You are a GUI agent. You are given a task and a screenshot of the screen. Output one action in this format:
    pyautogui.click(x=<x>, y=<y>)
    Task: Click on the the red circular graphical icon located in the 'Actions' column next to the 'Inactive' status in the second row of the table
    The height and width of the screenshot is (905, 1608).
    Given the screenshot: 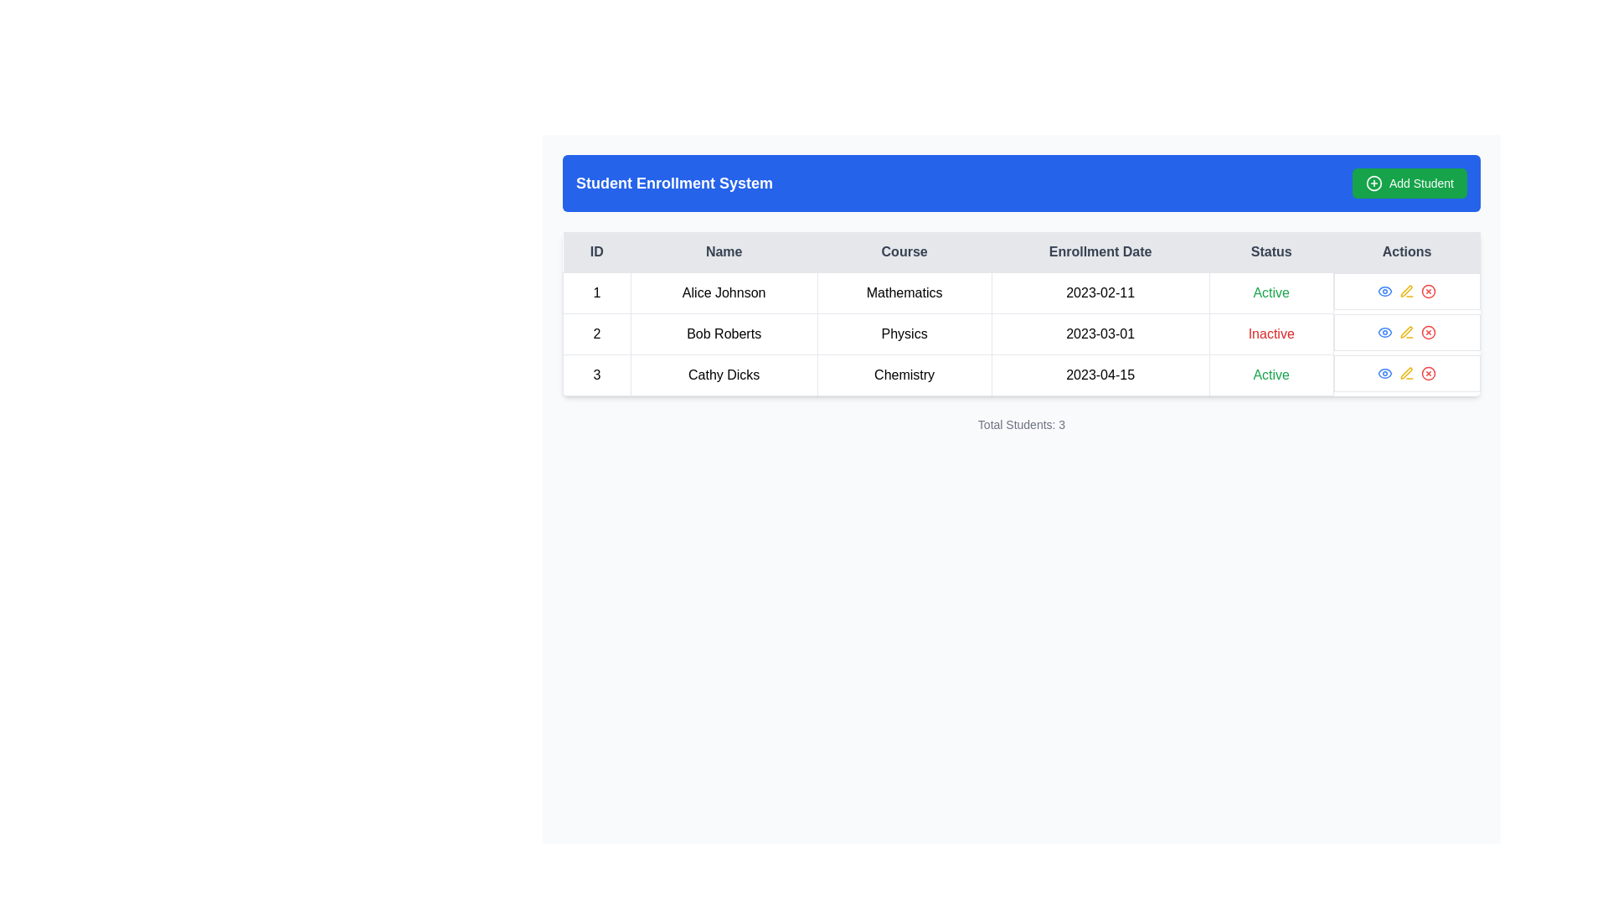 What is the action you would take?
    pyautogui.click(x=1428, y=332)
    